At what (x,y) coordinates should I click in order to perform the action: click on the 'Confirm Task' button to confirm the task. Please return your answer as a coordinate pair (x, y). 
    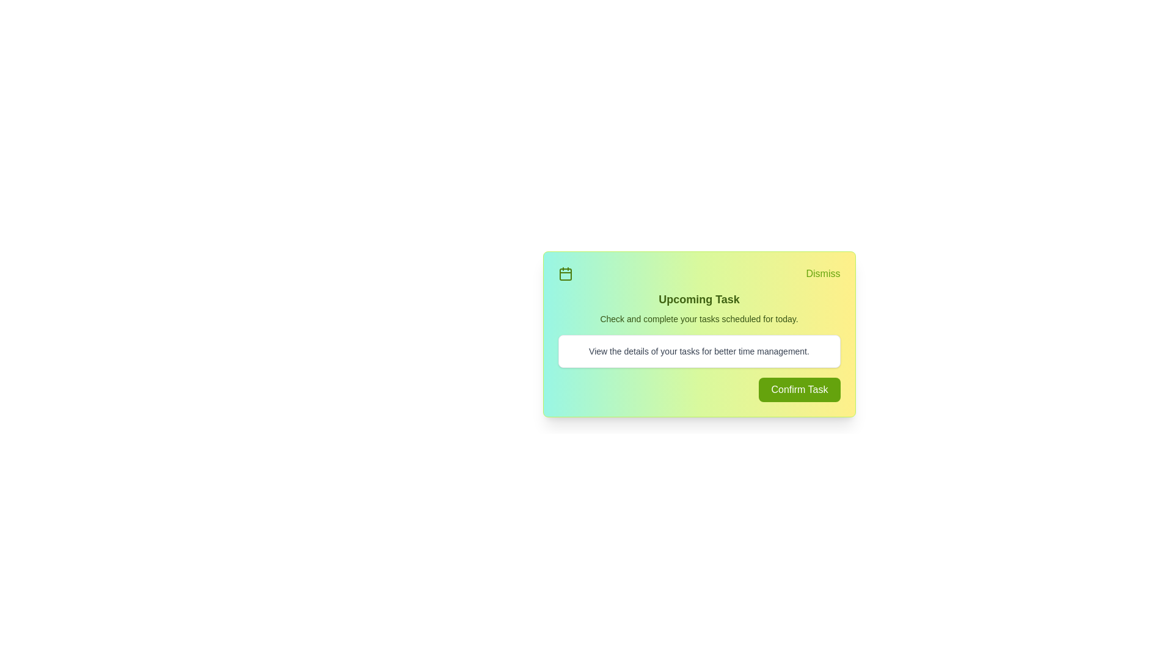
    Looking at the image, I should click on (800, 390).